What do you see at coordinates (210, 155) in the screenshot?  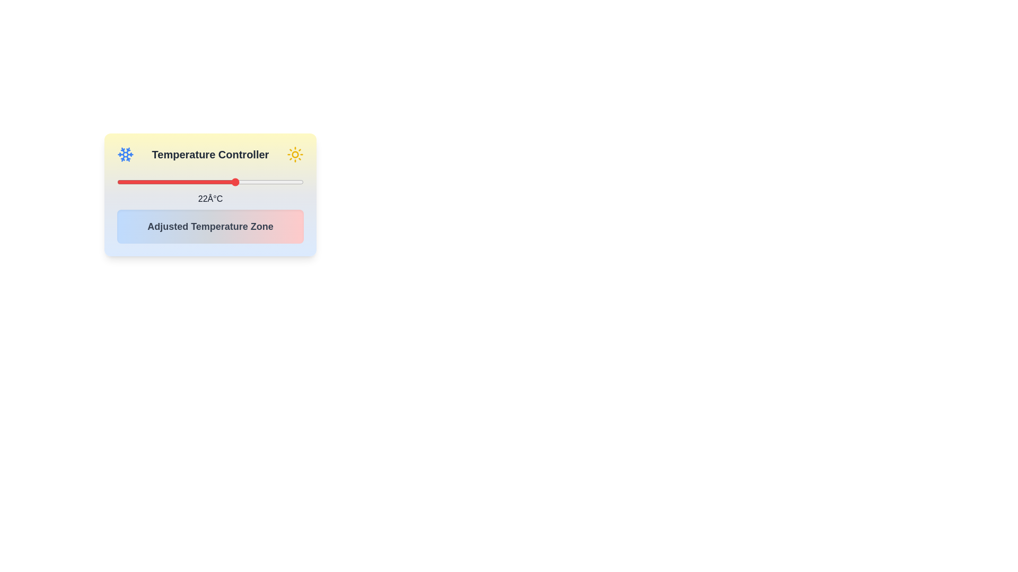 I see `the label that serves as a title for the temperature adjustment functionality, positioned centrally between a blue snowflake icon and a yellow sun icon` at bounding box center [210, 155].